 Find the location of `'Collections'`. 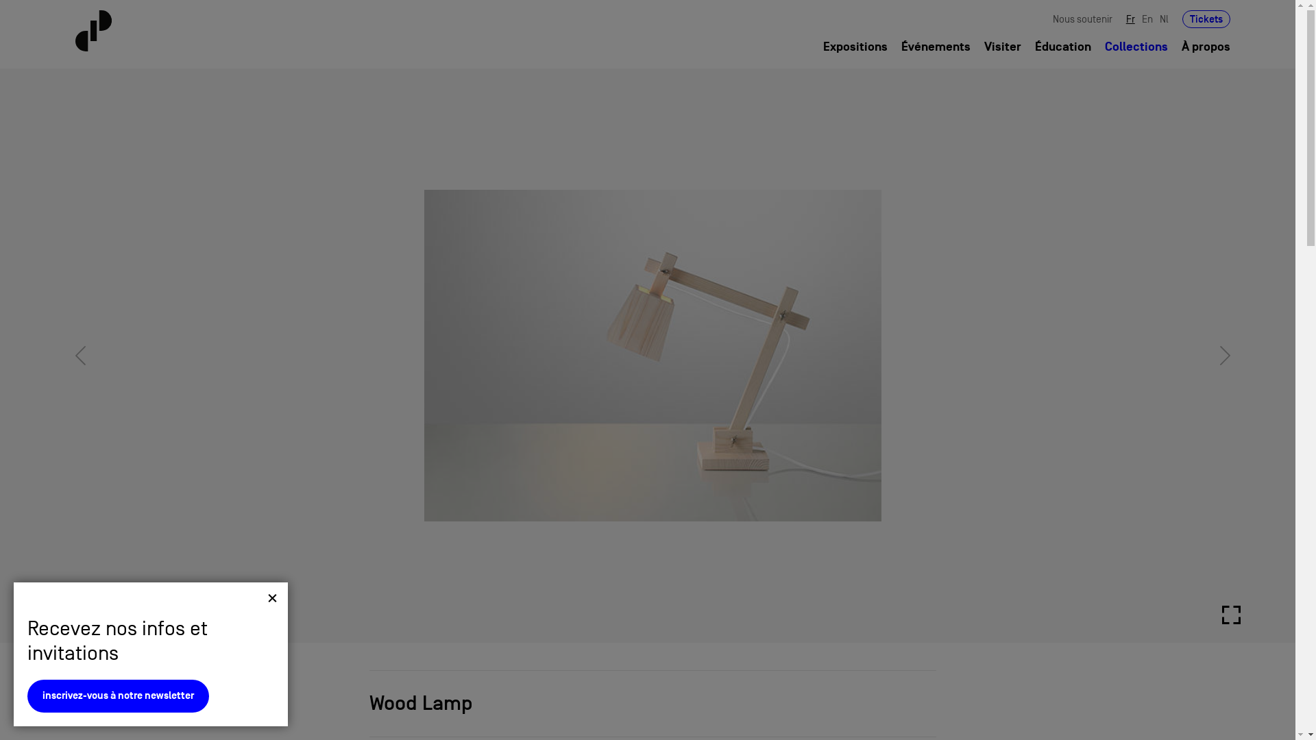

'Collections' is located at coordinates (1136, 47).